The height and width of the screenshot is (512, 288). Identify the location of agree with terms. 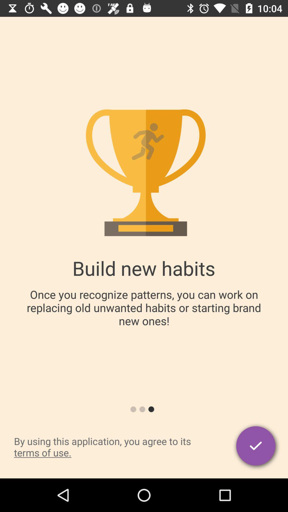
(256, 447).